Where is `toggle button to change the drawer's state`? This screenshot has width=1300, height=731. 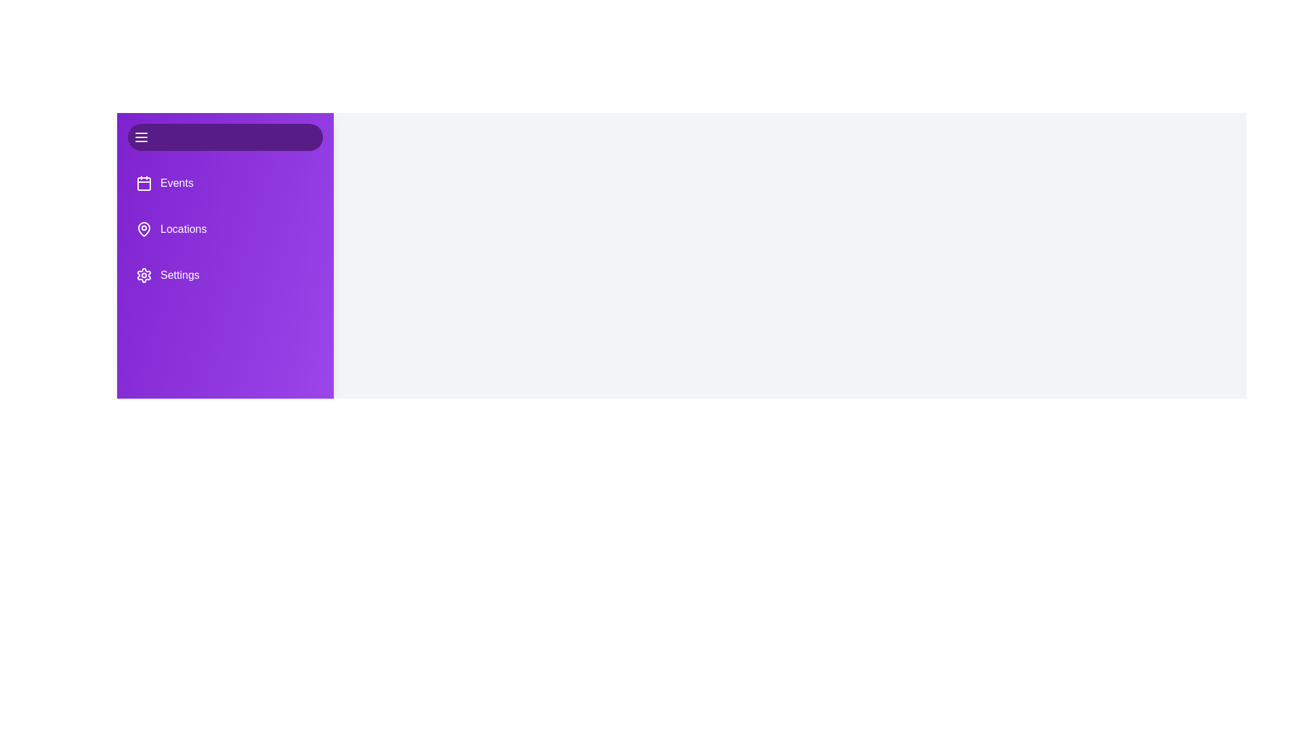
toggle button to change the drawer's state is located at coordinates (225, 137).